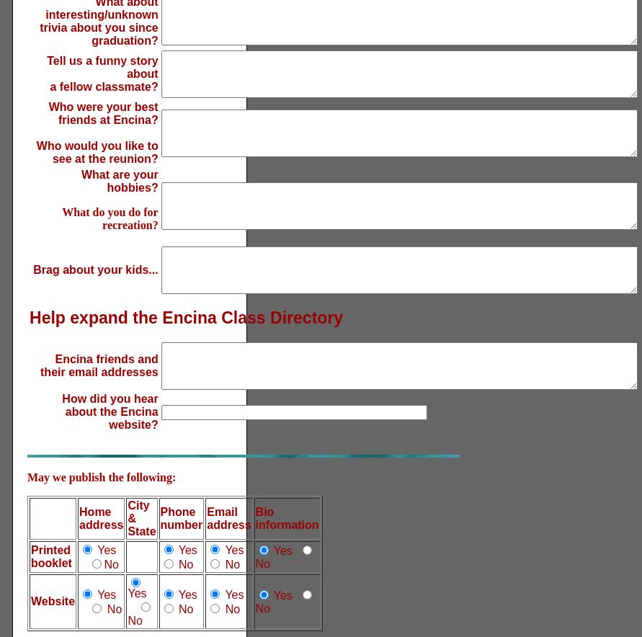 The image size is (642, 637). I want to click on 'Bio information', so click(287, 517).